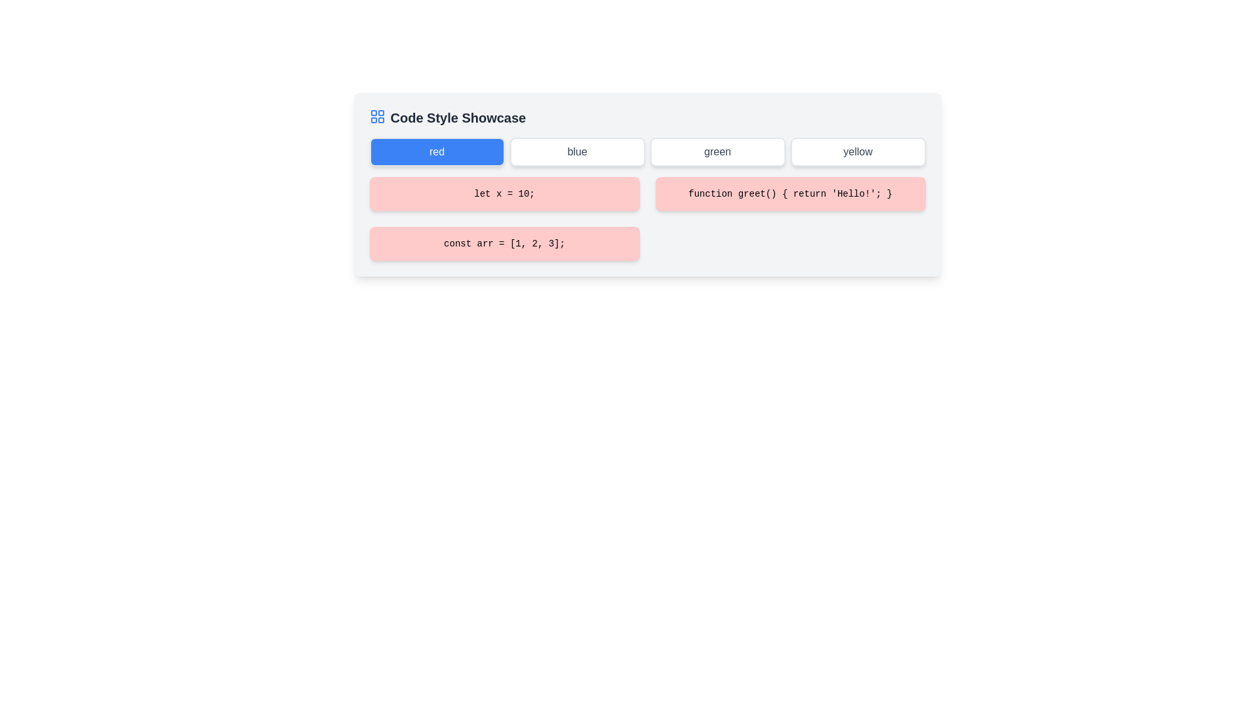 The image size is (1259, 708). Describe the element at coordinates (504, 243) in the screenshot. I see `the static text block containing the code snippet 'const arr = [1, 2, 3];' which has a light red background and rounded corners` at that location.